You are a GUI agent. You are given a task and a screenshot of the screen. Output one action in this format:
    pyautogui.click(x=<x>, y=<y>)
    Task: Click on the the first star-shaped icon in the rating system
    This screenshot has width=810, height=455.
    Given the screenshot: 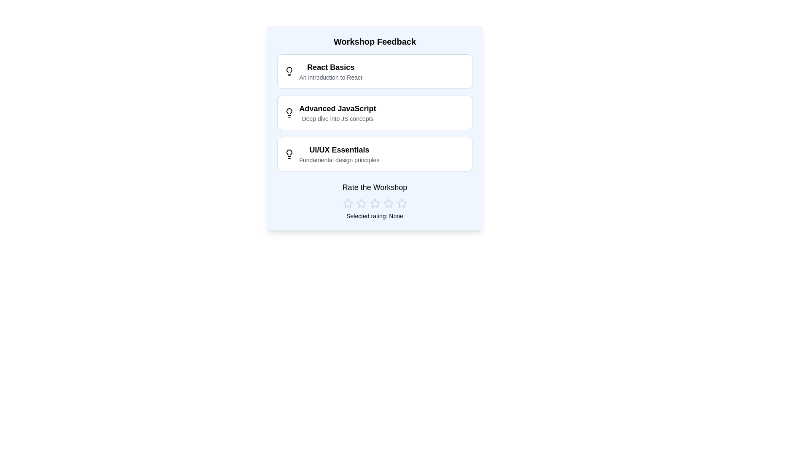 What is the action you would take?
    pyautogui.click(x=348, y=203)
    